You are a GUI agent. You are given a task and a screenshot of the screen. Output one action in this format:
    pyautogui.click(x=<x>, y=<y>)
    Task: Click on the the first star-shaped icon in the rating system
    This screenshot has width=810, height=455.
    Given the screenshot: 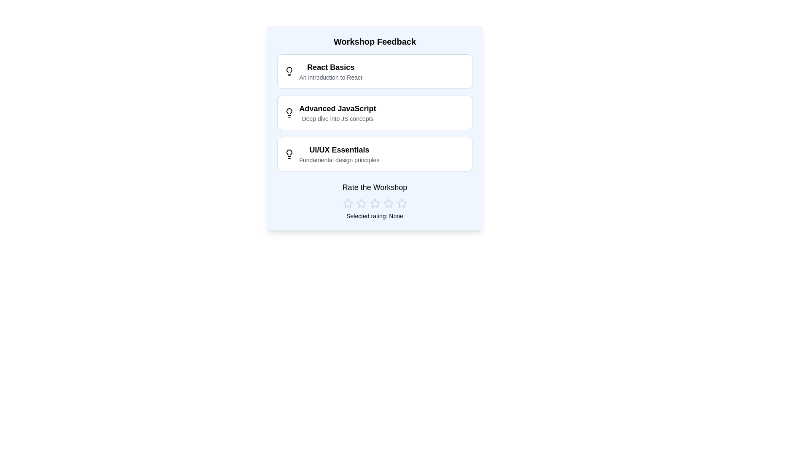 What is the action you would take?
    pyautogui.click(x=348, y=203)
    